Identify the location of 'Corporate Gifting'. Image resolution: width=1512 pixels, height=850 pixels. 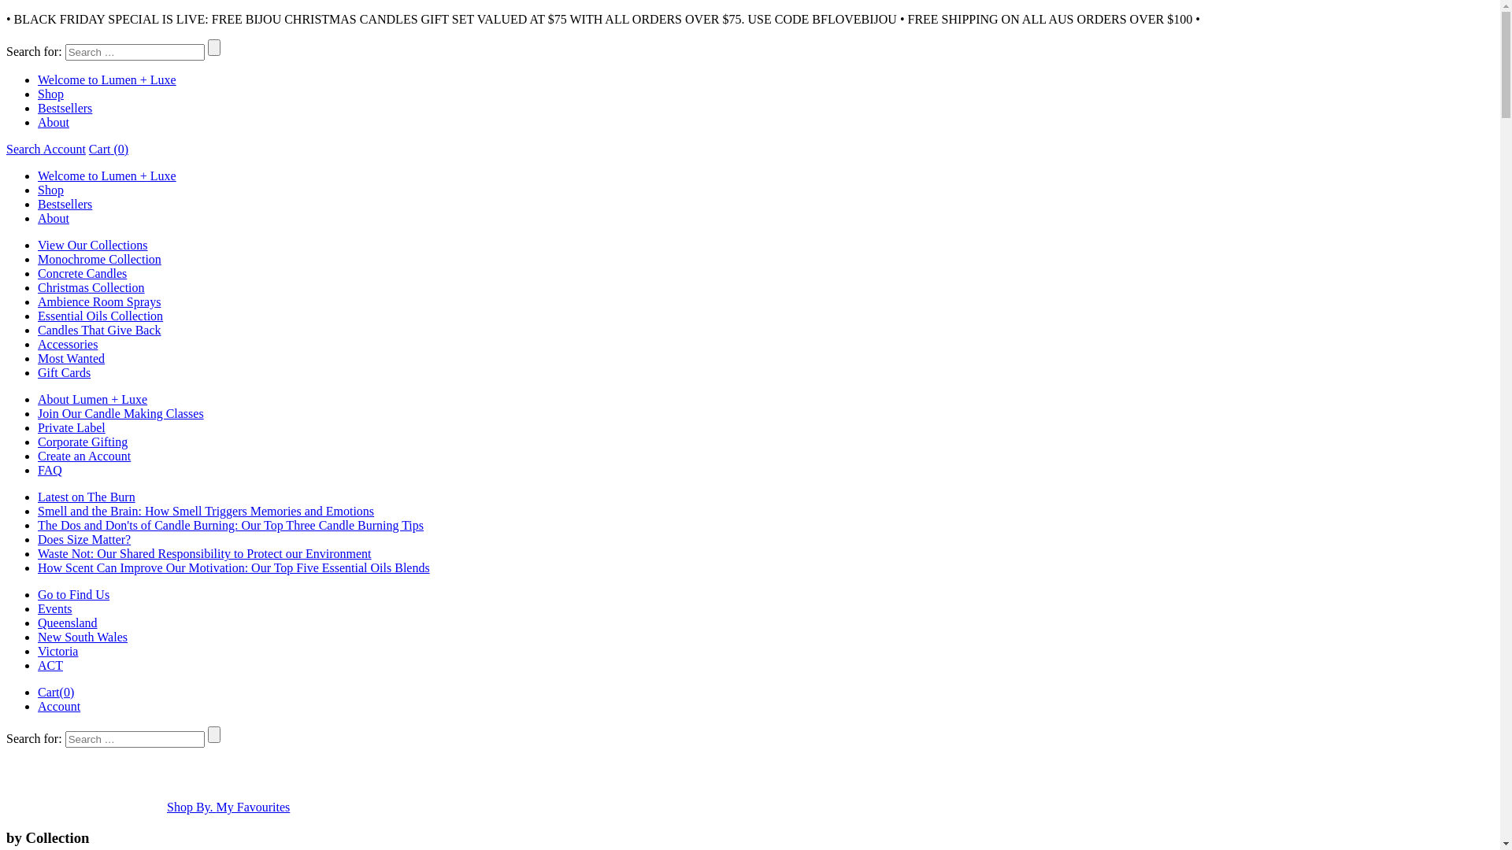
(82, 442).